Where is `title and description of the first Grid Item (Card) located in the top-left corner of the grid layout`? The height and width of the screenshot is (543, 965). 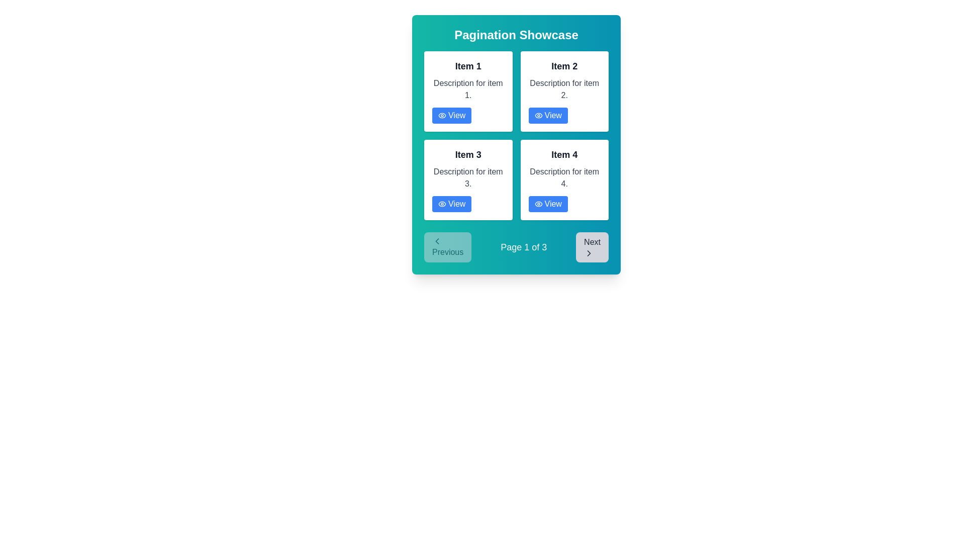 title and description of the first Grid Item (Card) located in the top-left corner of the grid layout is located at coordinates (467, 91).